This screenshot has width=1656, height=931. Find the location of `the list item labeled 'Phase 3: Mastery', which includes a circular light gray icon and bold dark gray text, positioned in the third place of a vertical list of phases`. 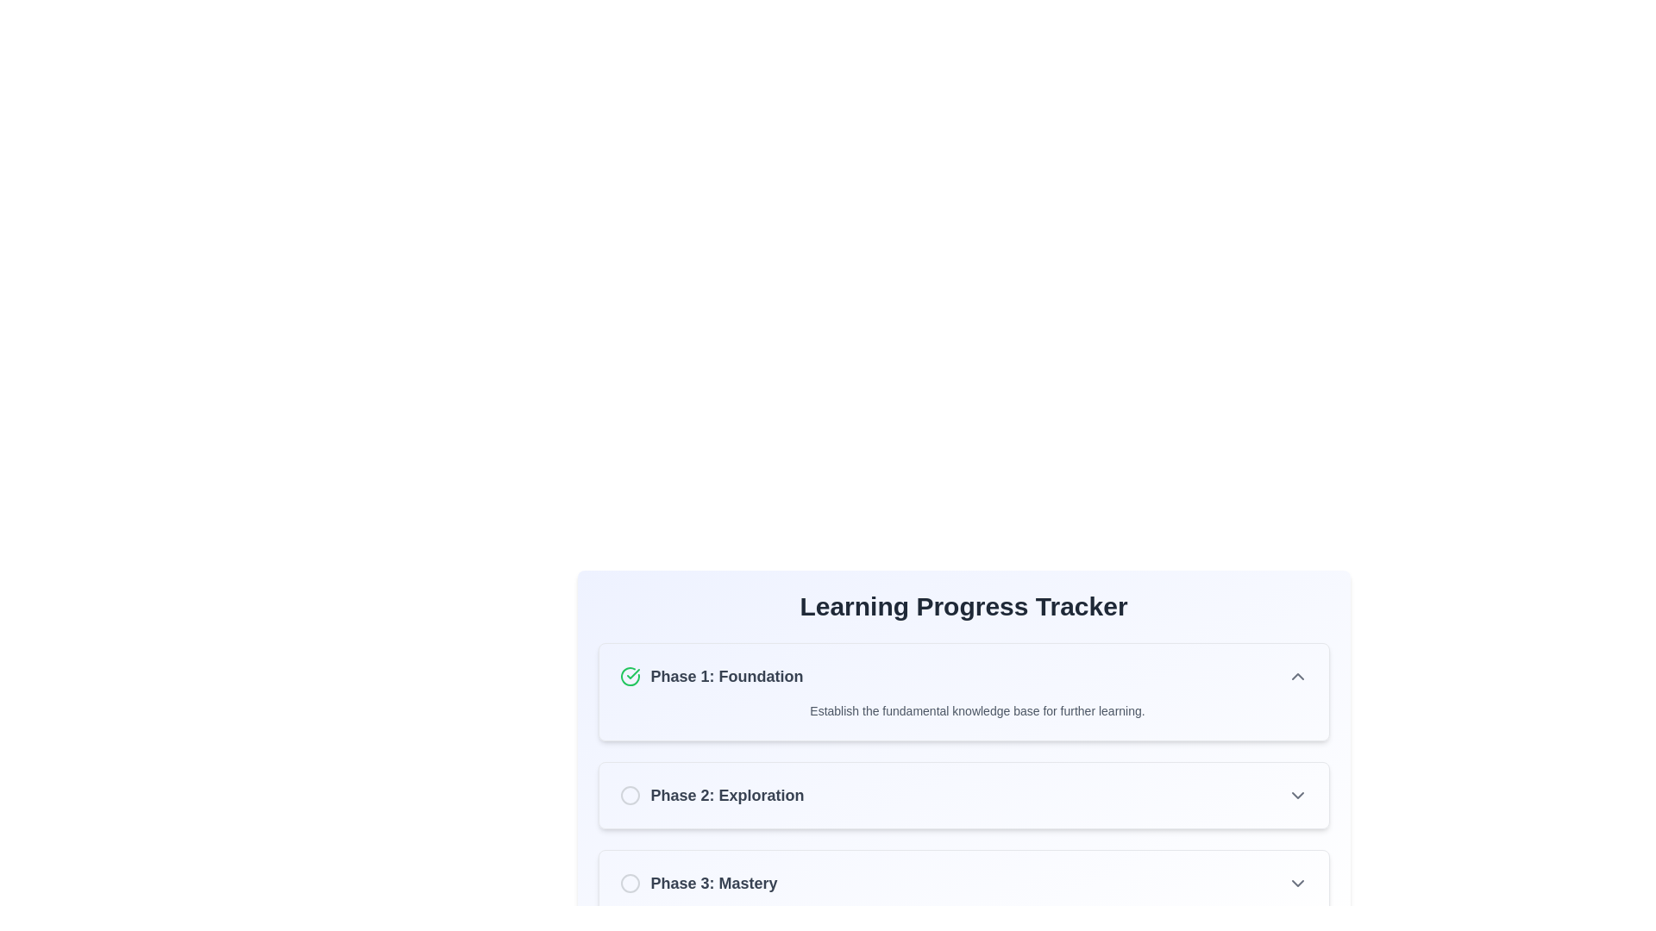

the list item labeled 'Phase 3: Mastery', which includes a circular light gray icon and bold dark gray text, positioned in the third place of a vertical list of phases is located at coordinates (699, 884).